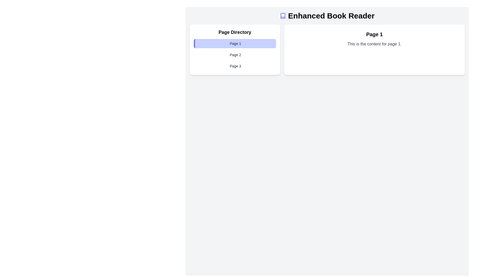 The width and height of the screenshot is (493, 277). Describe the element at coordinates (327, 15) in the screenshot. I see `the Header titled 'Enhanced Book Reader' with an indigo book icon, located at the top-middle of the interface` at that location.